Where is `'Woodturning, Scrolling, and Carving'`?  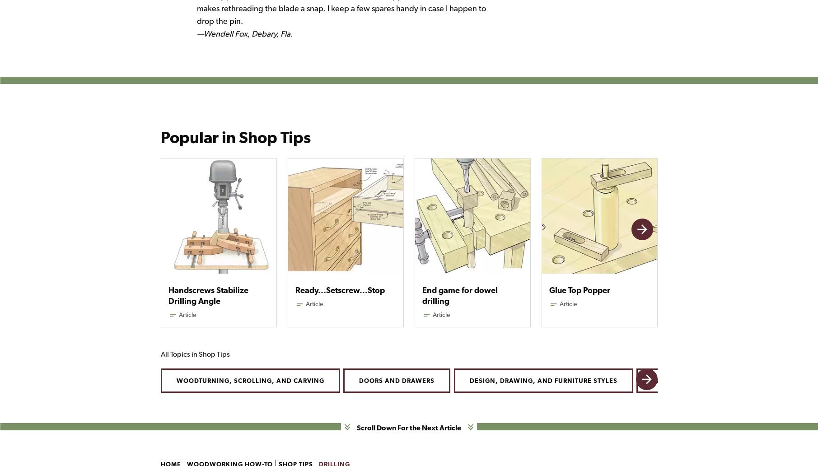
'Woodturning, Scrolling, and Carving' is located at coordinates (249, 380).